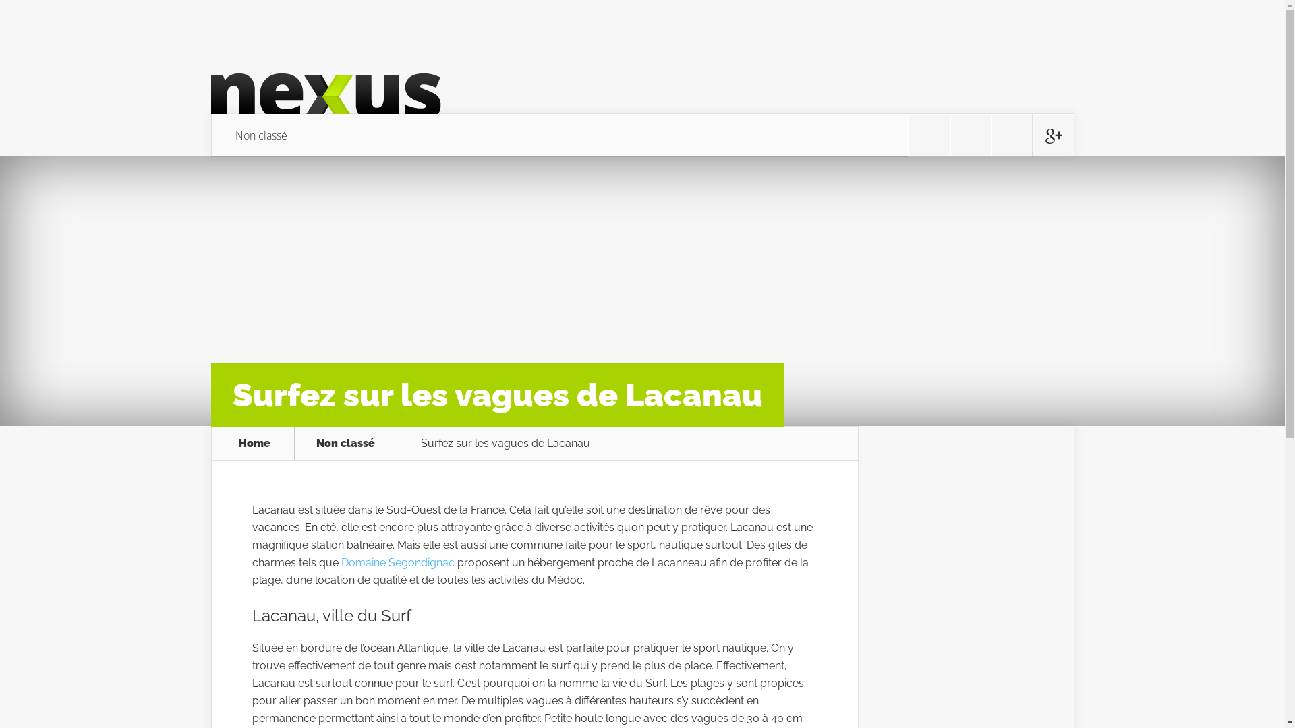  I want to click on 'Follow us on Facebook', so click(969, 135).